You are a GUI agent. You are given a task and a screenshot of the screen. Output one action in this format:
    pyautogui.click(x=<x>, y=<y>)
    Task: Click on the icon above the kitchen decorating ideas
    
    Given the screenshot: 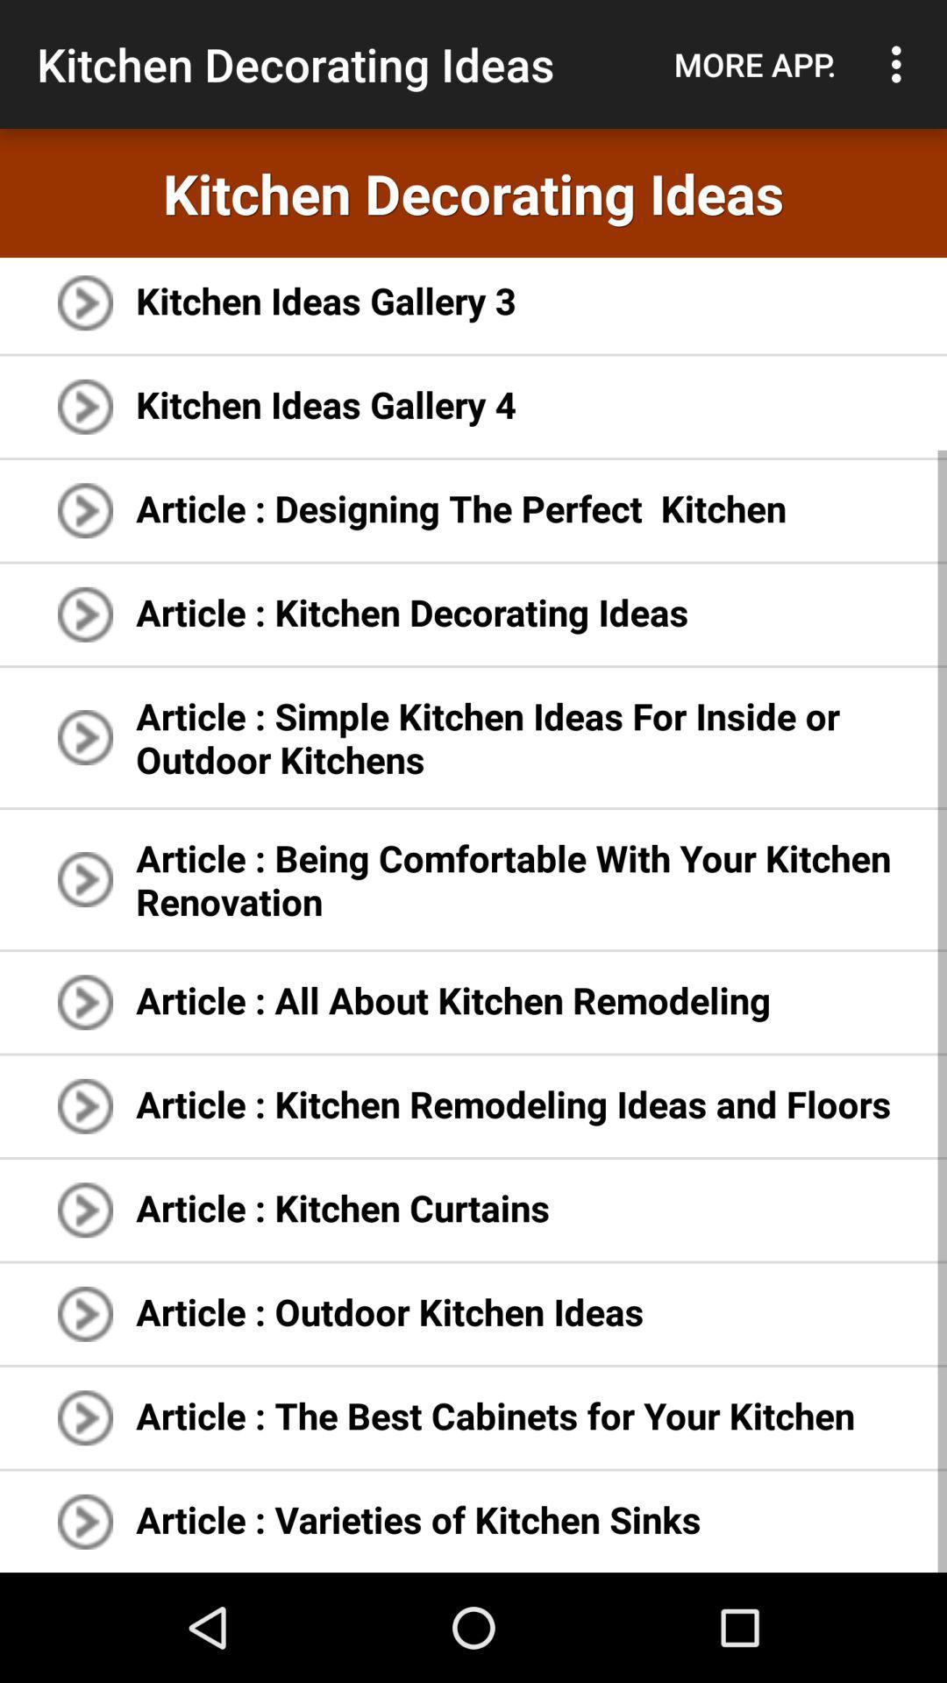 What is the action you would take?
    pyautogui.click(x=754, y=64)
    